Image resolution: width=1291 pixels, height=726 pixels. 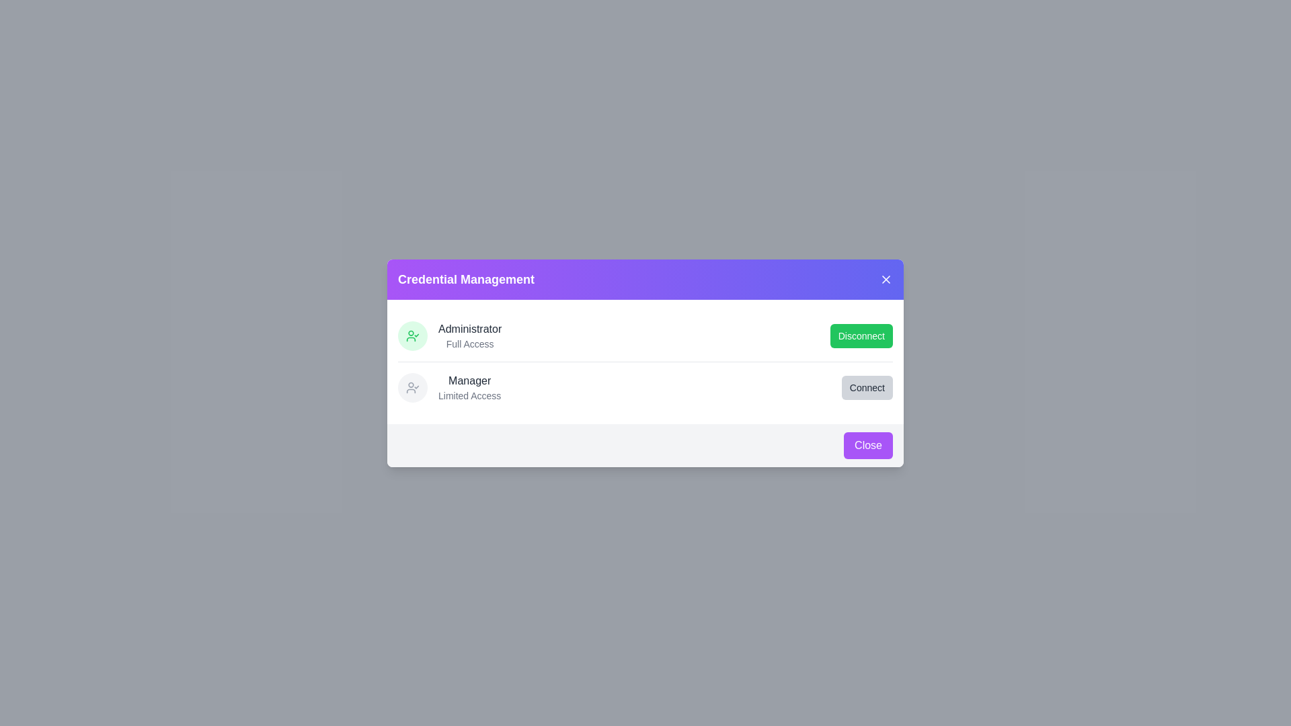 What do you see at coordinates (470, 335) in the screenshot?
I see `the first item in the 'Credential Management' modal dialog, which consists of two stacked labels: 'Administrator' in bold dark text and 'Full Access' in smaller lighter text, positioned to the right of a green circular icon` at bounding box center [470, 335].